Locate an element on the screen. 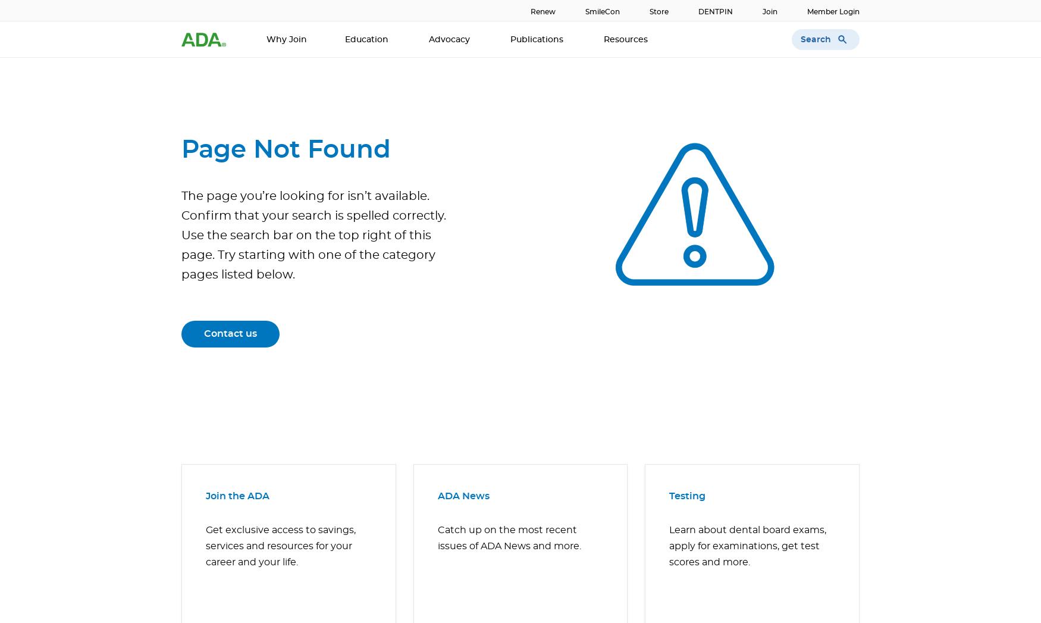 The height and width of the screenshot is (623, 1041). 'Advocacy' is located at coordinates (450, 40).